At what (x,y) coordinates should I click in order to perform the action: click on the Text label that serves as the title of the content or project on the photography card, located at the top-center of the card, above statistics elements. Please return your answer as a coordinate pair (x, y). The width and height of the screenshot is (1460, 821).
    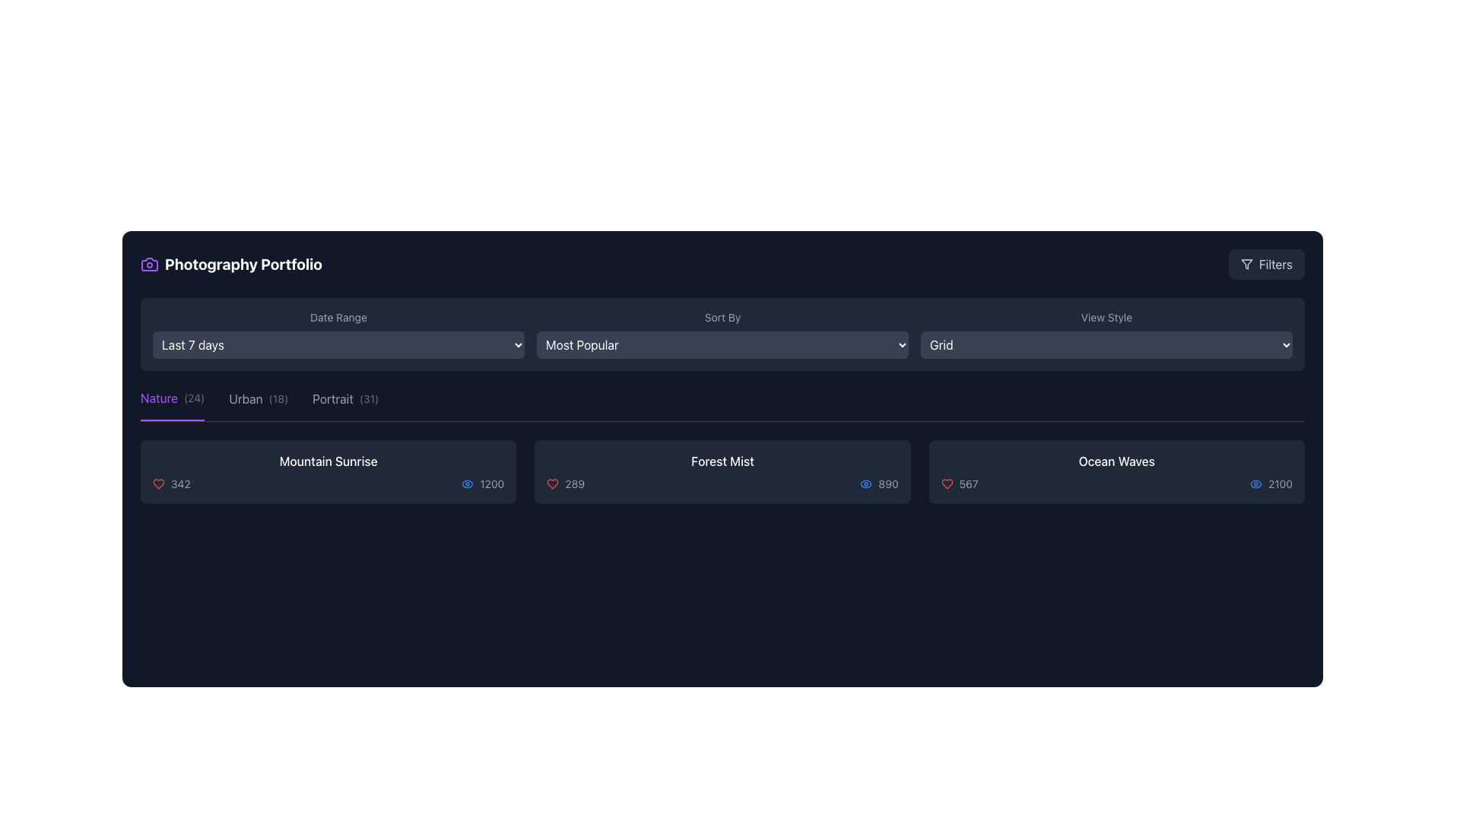
    Looking at the image, I should click on (722, 460).